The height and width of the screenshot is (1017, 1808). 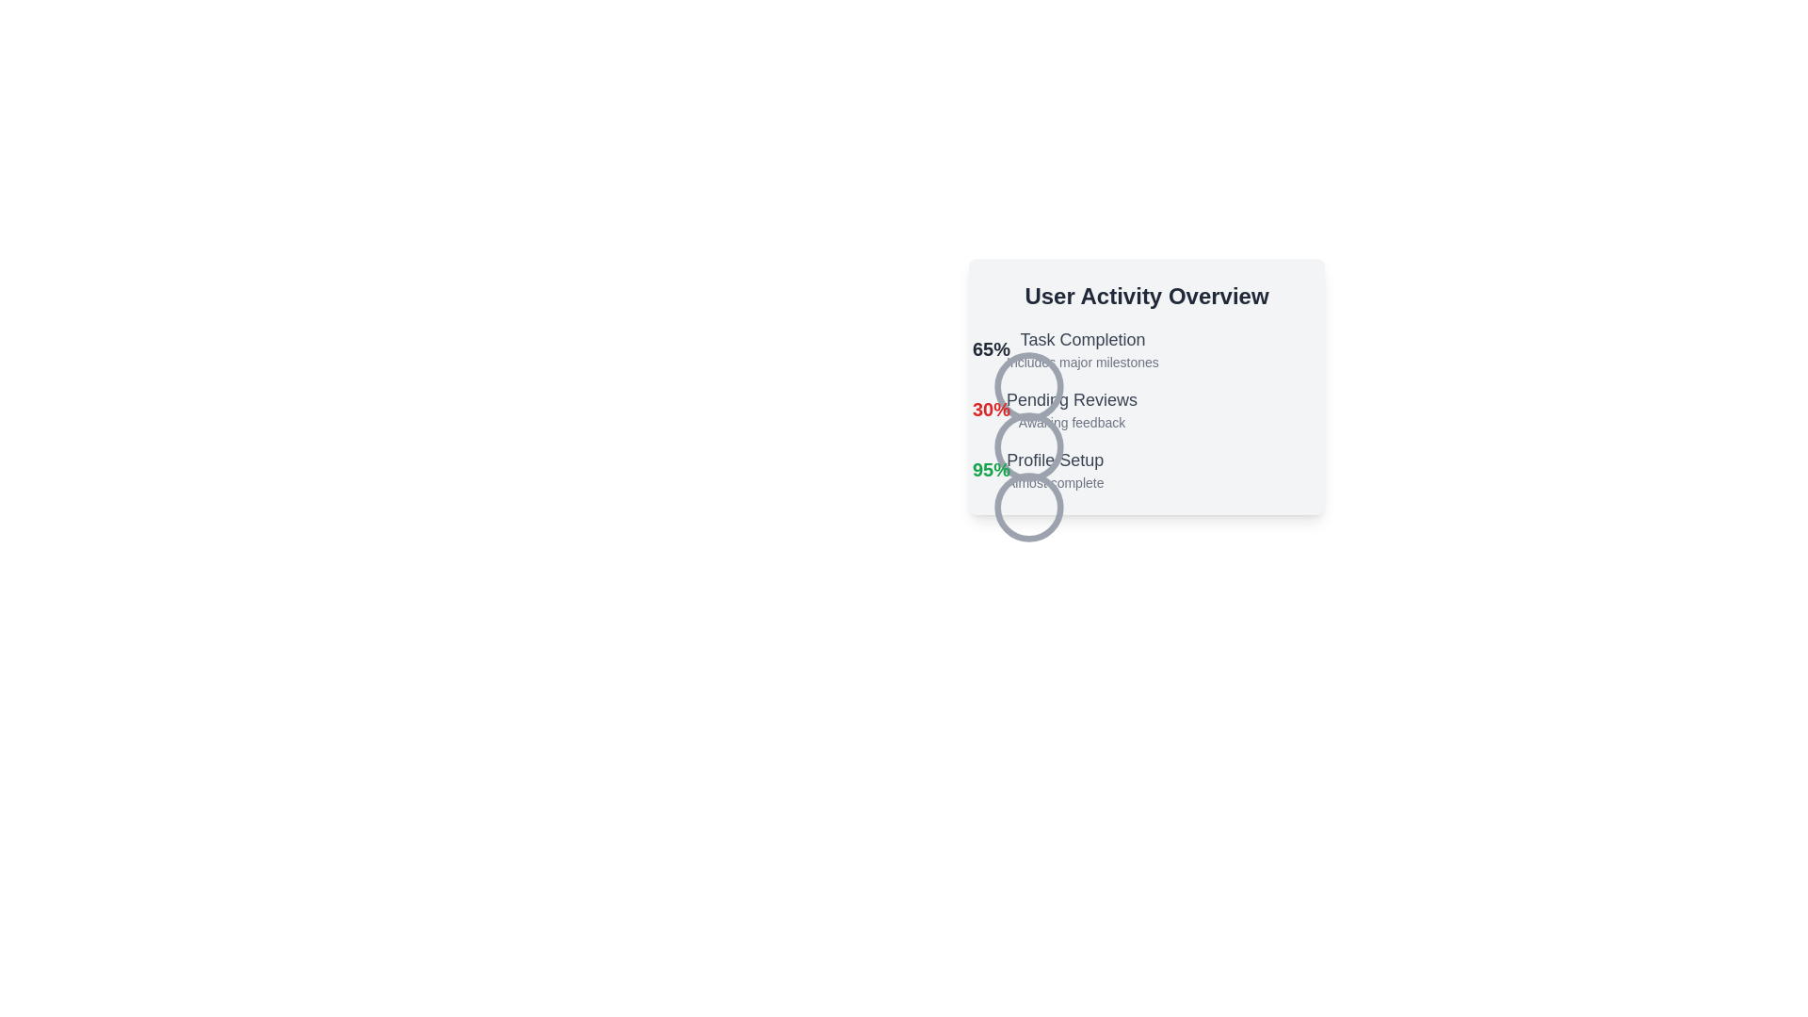 I want to click on the informational component with a progress indicator that shows the setup profile is at 95% to obtain more details, so click(x=1146, y=468).